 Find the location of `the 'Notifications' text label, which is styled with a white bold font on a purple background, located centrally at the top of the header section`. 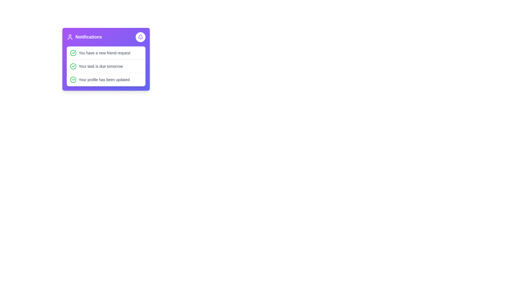

the 'Notifications' text label, which is styled with a white bold font on a purple background, located centrally at the top of the header section is located at coordinates (89, 37).